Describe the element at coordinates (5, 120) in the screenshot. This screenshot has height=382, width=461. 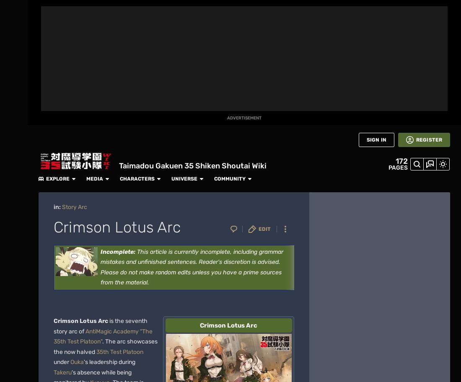
I see `'Games'` at that location.